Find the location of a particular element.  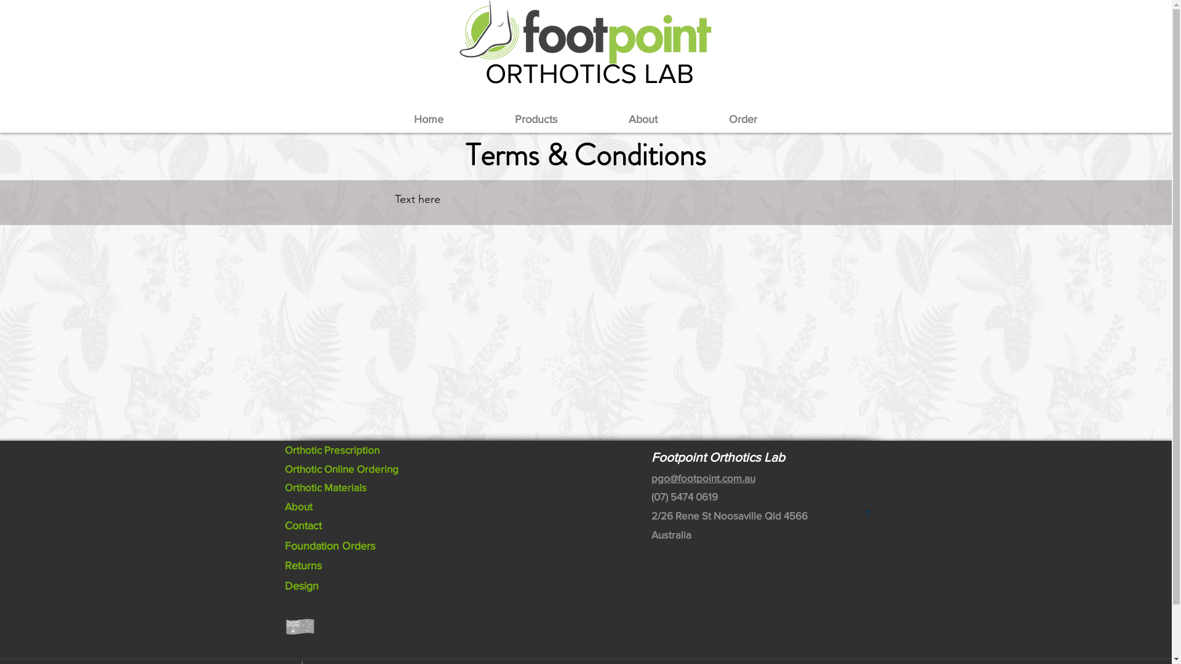

'Home' is located at coordinates (428, 119).